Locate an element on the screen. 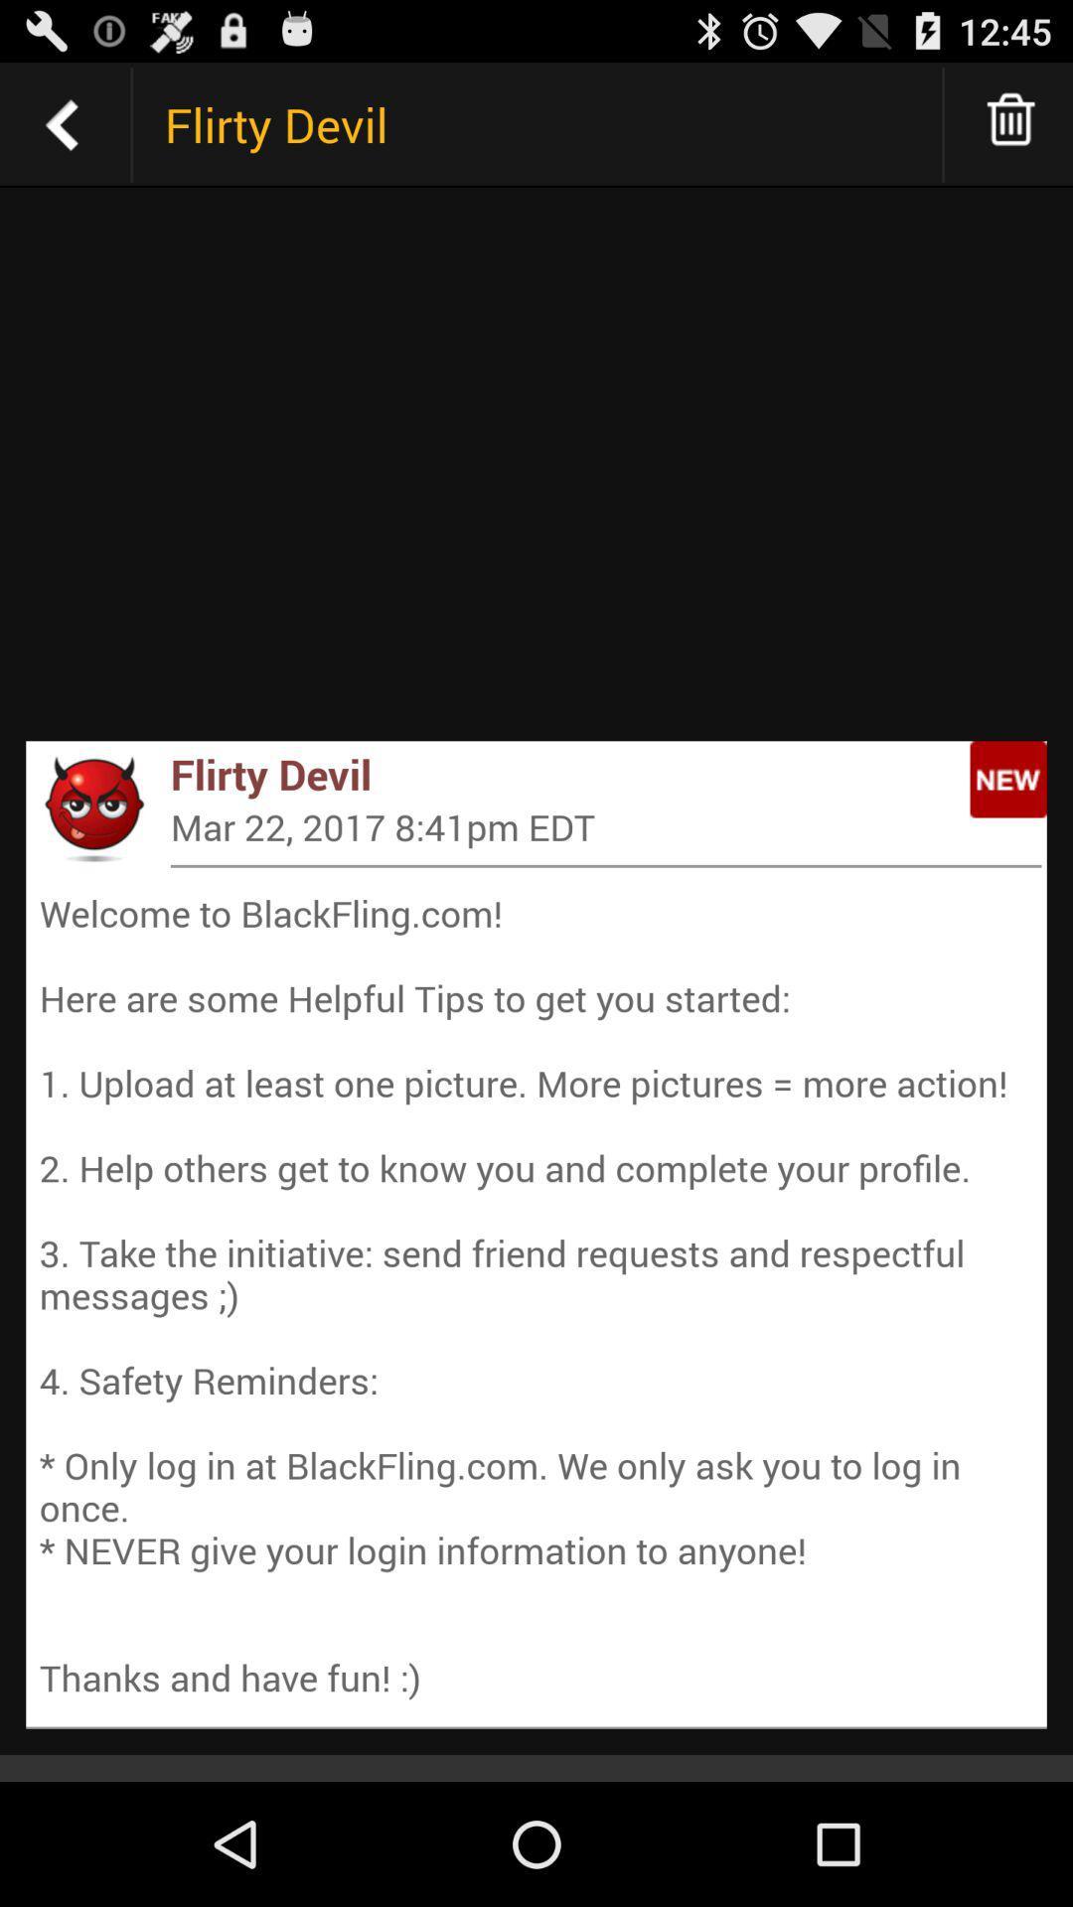 The width and height of the screenshot is (1073, 1907). item on the right is located at coordinates (1008, 778).